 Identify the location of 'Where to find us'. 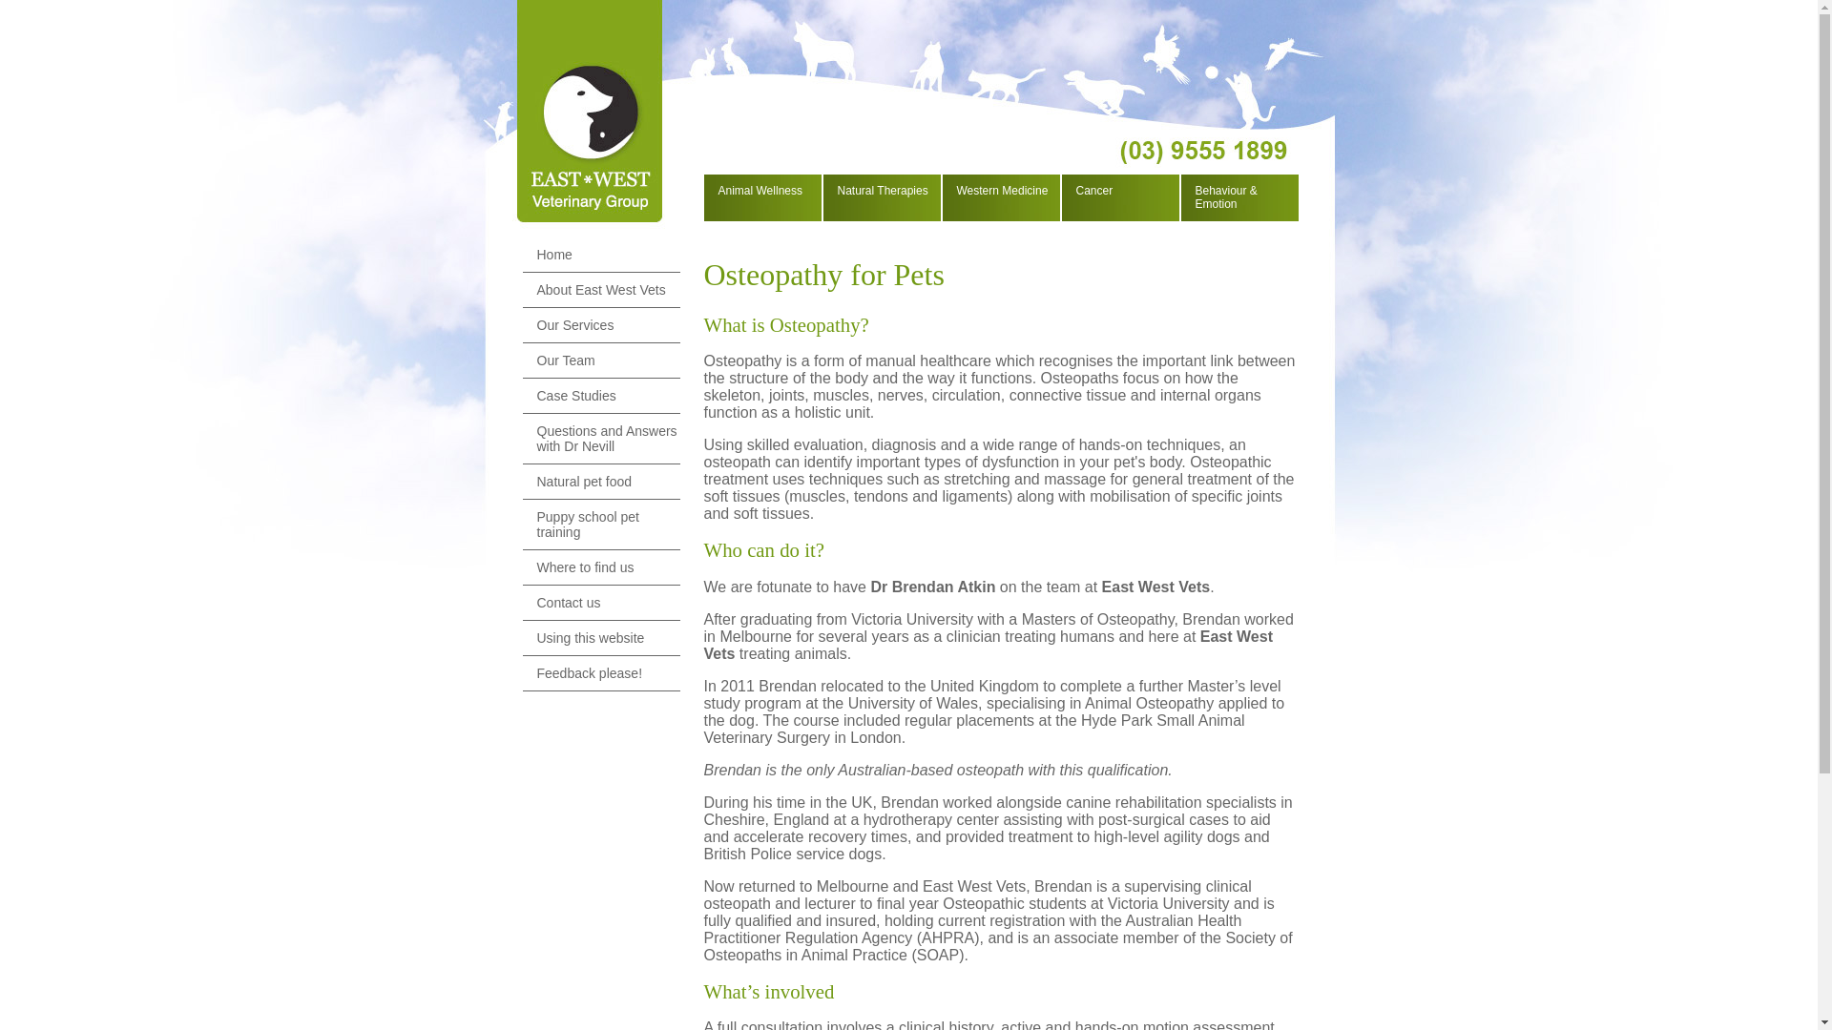
(600, 566).